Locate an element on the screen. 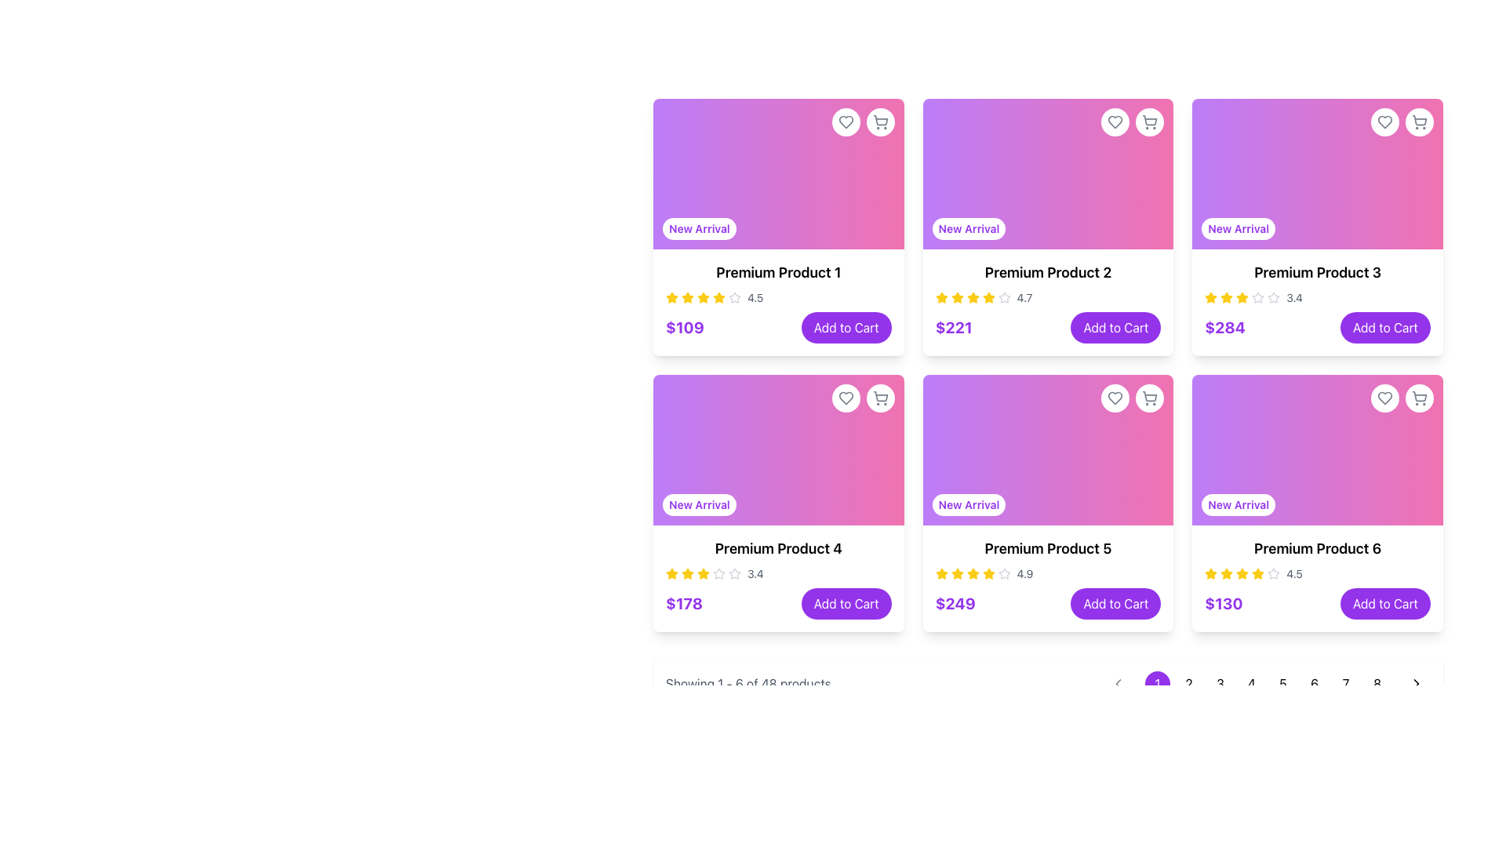 This screenshot has width=1506, height=847. the 'Add to Cart' button located in the fifth product card of the grid layout is located at coordinates (1115, 603).